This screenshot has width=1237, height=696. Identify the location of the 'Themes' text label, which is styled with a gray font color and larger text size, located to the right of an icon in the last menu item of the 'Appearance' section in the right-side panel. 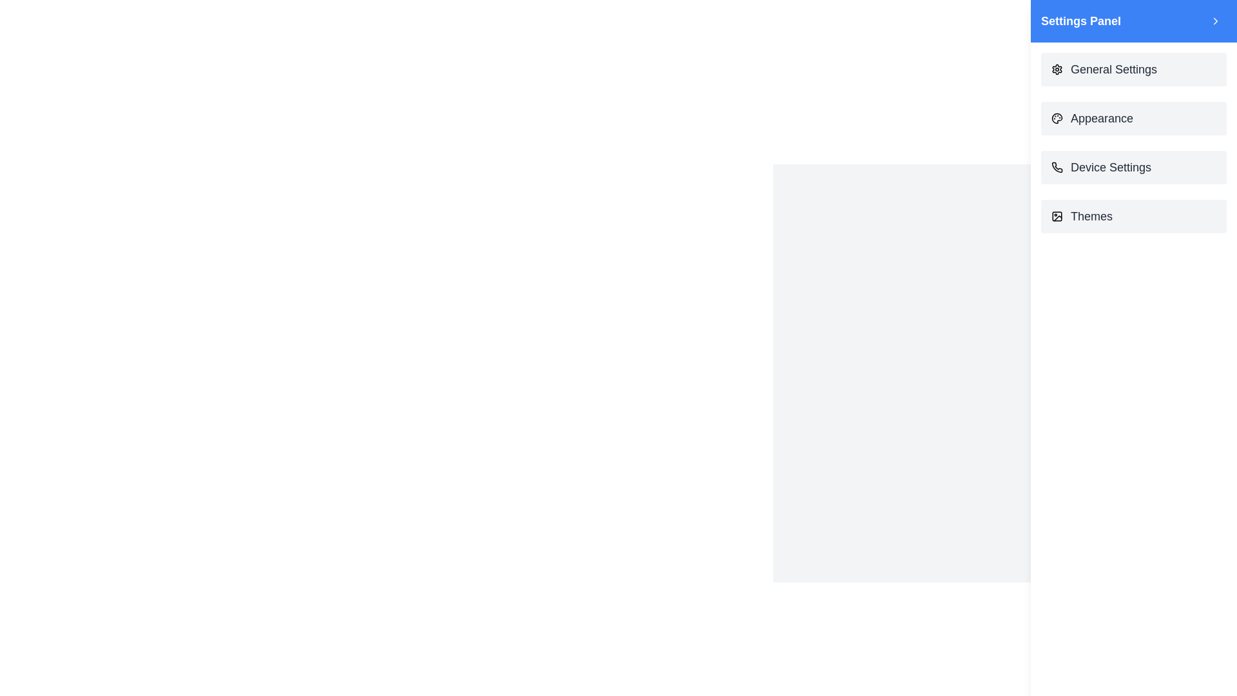
(1091, 215).